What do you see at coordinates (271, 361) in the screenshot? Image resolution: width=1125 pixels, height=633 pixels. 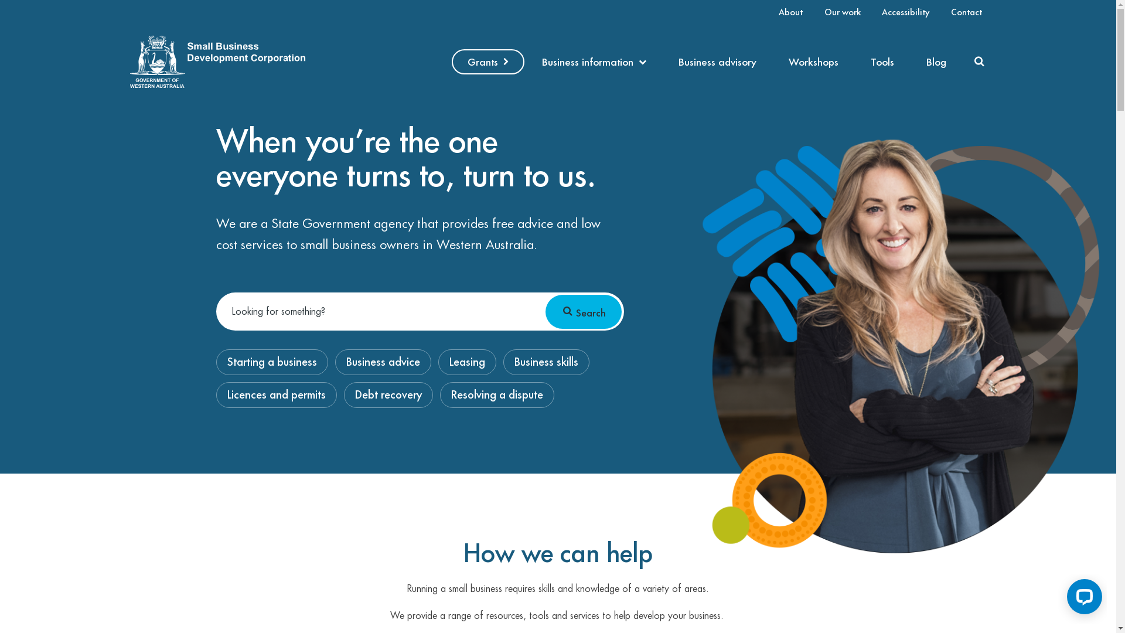 I see `'Starting a business'` at bounding box center [271, 361].